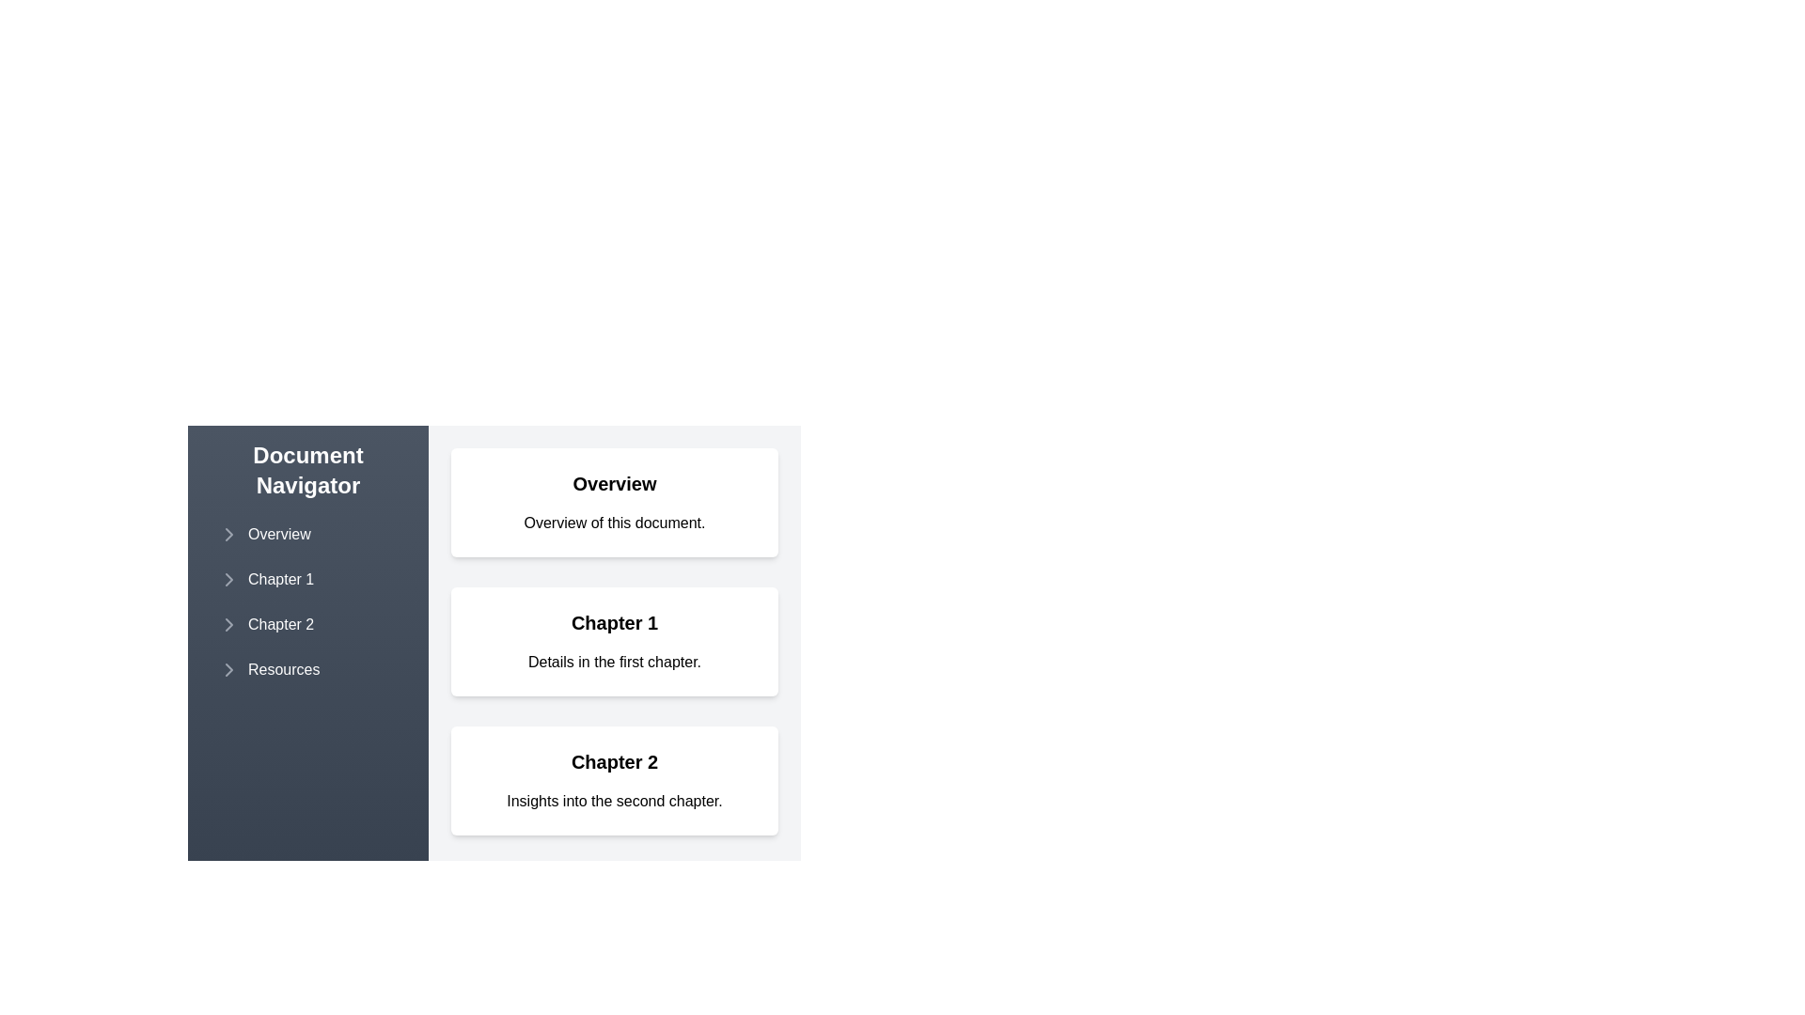 The width and height of the screenshot is (1805, 1015). What do you see at coordinates (614, 801) in the screenshot?
I see `the text label providing a brief description related to 'Chapter 2', located within the card structure beneath the header 'Chapter 2'` at bounding box center [614, 801].